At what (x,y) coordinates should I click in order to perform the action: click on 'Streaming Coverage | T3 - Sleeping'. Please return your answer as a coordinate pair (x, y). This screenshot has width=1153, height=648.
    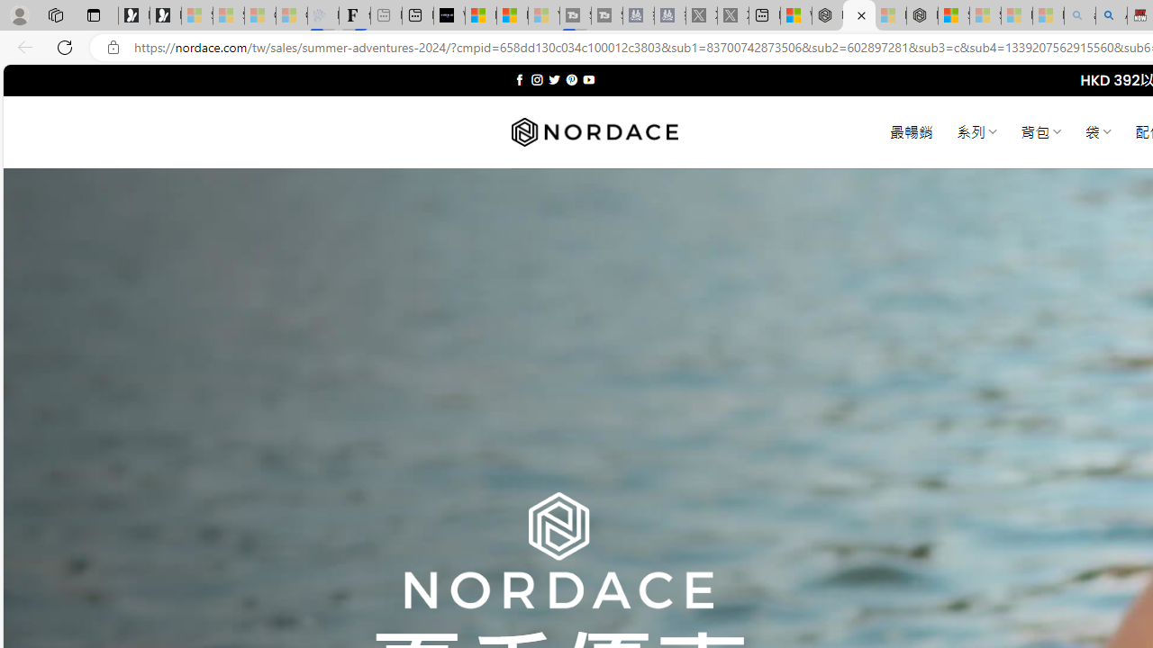
    Looking at the image, I should click on (575, 15).